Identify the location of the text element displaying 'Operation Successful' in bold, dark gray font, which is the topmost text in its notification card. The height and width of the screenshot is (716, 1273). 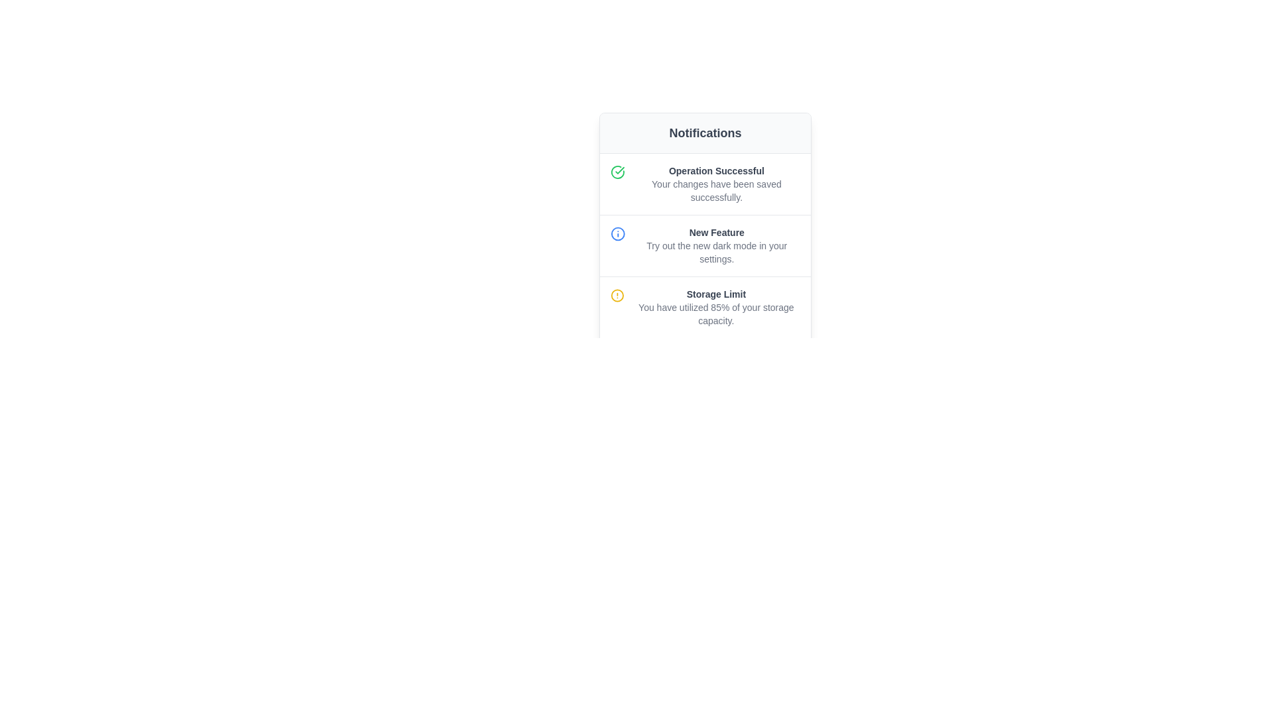
(715, 170).